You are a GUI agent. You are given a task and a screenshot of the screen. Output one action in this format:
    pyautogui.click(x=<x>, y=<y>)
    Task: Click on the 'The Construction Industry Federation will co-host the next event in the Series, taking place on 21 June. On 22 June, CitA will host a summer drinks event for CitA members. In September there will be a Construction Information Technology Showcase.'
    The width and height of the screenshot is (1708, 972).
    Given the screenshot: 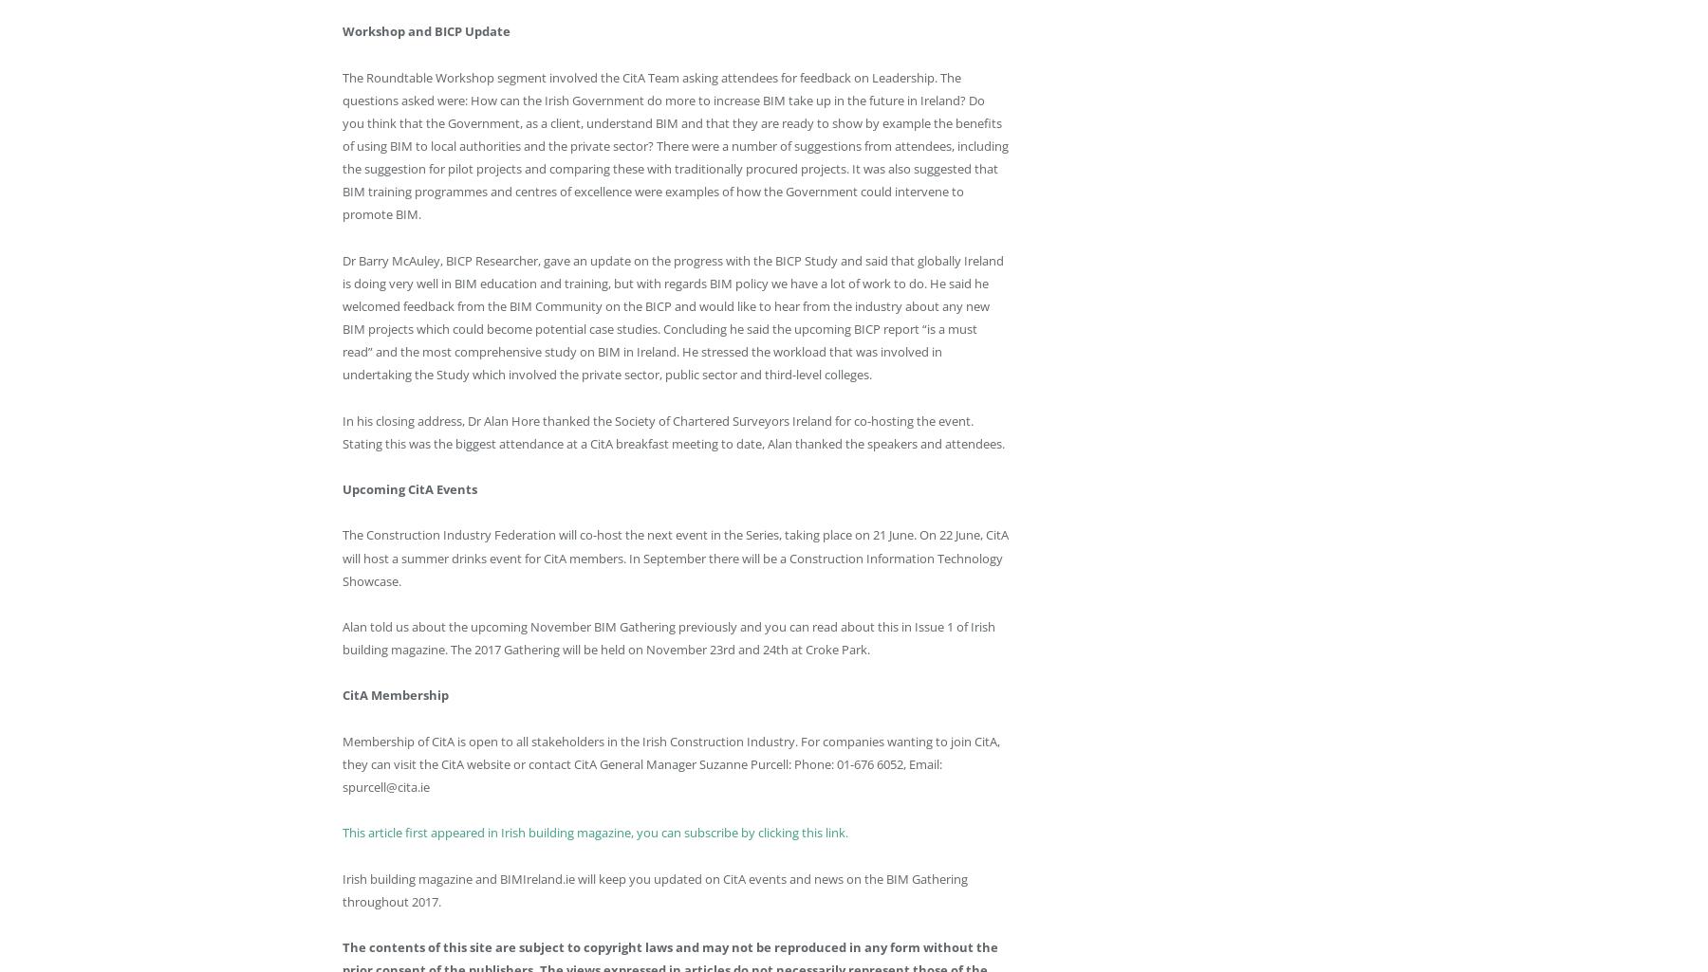 What is the action you would take?
    pyautogui.click(x=675, y=558)
    